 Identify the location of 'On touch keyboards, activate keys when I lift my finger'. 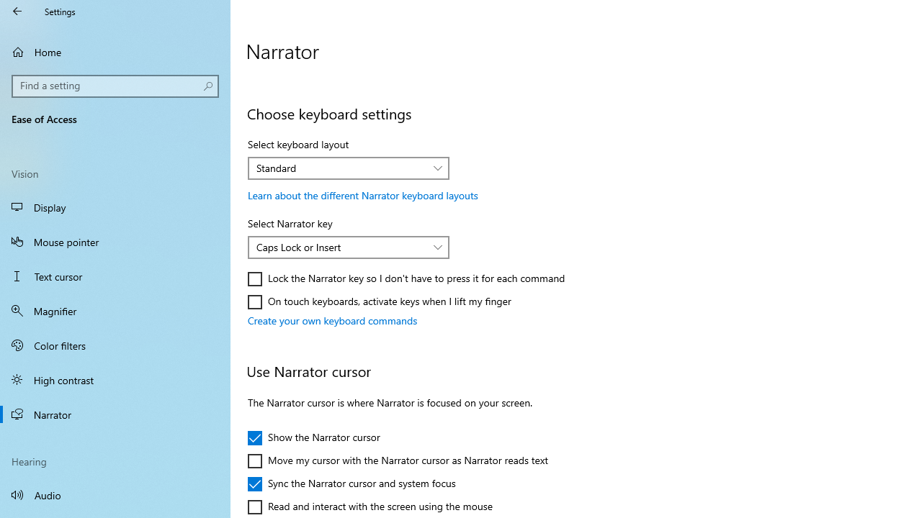
(380, 301).